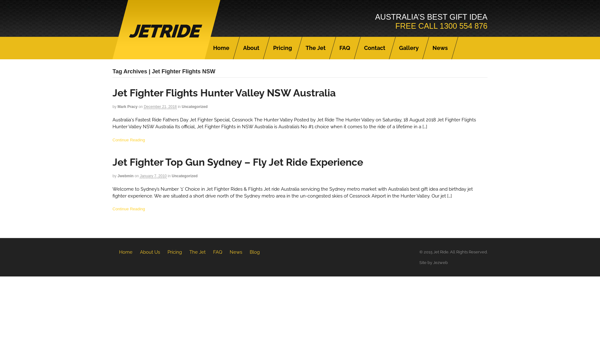 The height and width of the screenshot is (337, 600). What do you see at coordinates (125, 252) in the screenshot?
I see `'Home'` at bounding box center [125, 252].